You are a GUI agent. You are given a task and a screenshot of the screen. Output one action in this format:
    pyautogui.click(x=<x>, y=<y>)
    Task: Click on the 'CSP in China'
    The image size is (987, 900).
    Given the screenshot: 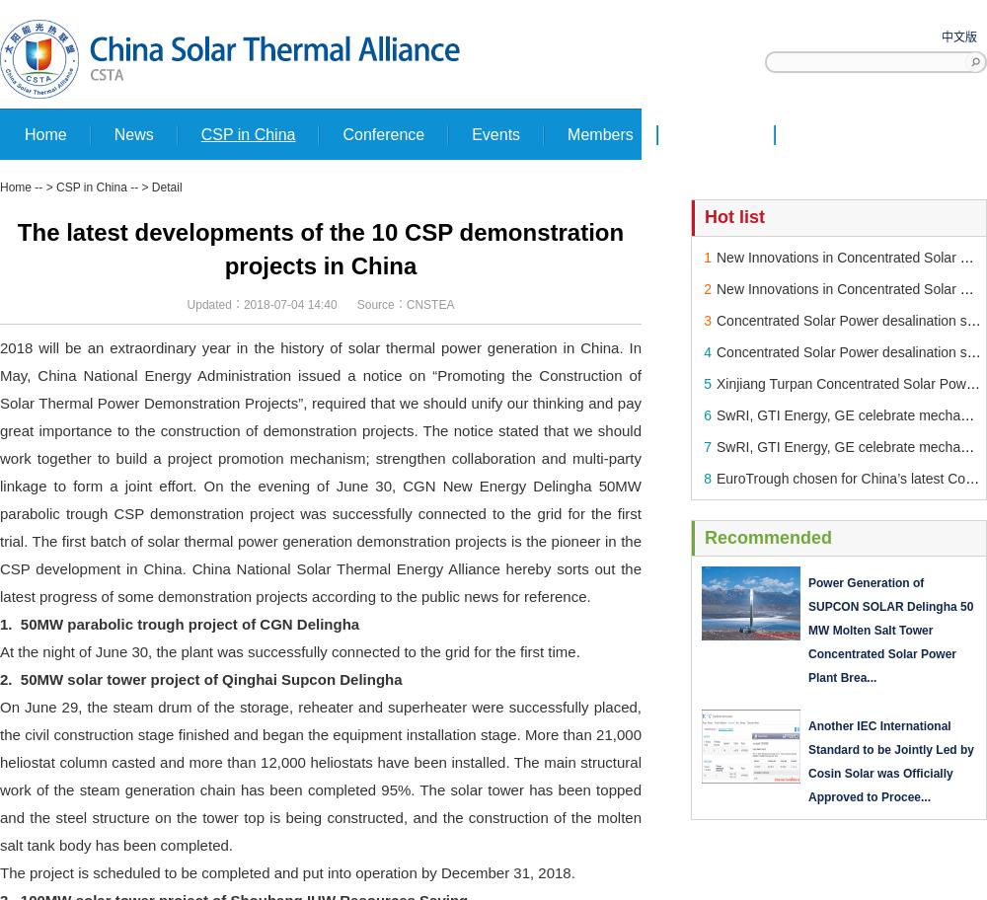 What is the action you would take?
    pyautogui.click(x=56, y=187)
    